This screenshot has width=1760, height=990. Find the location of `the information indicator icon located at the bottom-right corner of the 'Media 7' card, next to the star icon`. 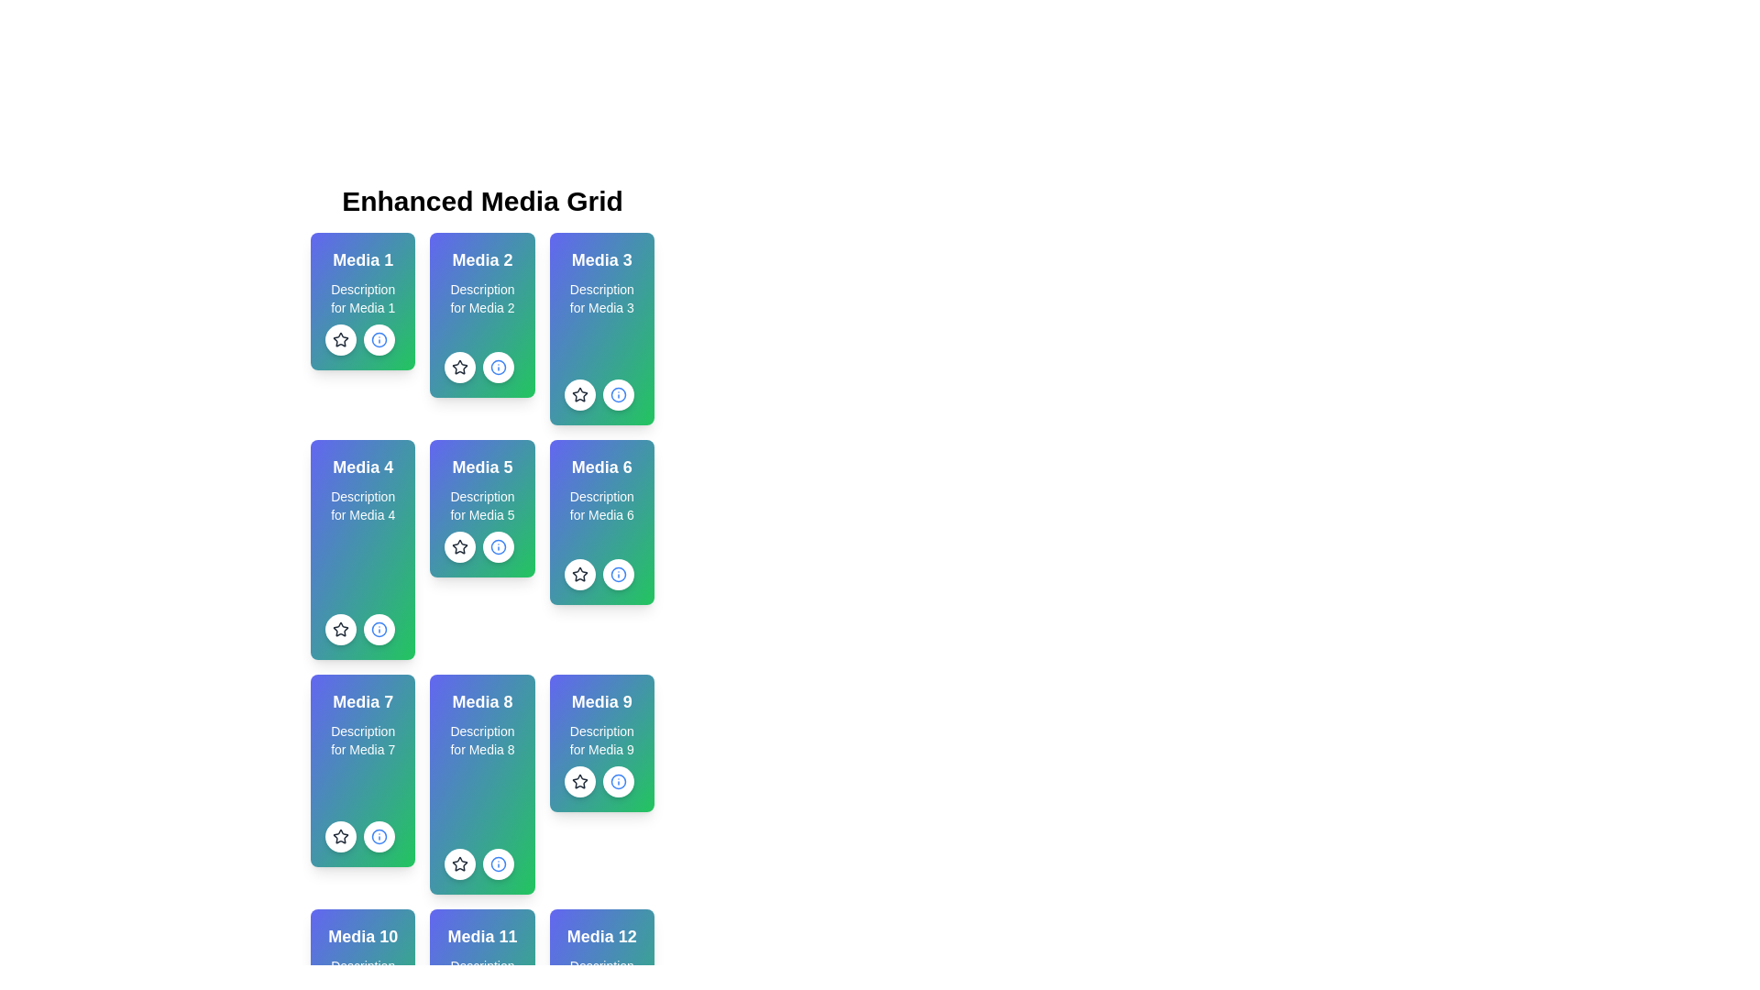

the information indicator icon located at the bottom-right corner of the 'Media 7' card, next to the star icon is located at coordinates (378, 837).